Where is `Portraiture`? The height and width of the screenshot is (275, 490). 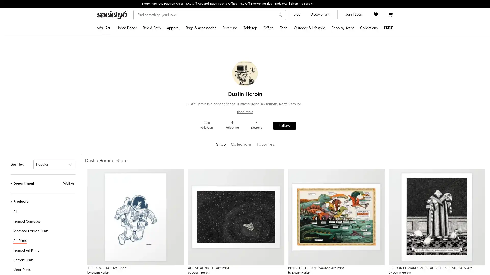
Portraiture is located at coordinates (350, 106).